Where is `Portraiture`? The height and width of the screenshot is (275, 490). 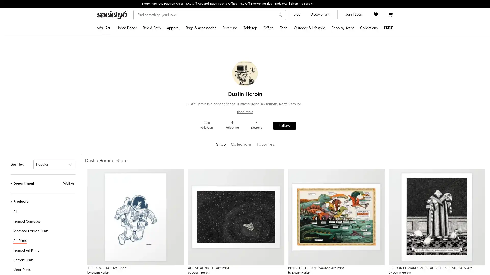
Portraiture is located at coordinates (350, 106).